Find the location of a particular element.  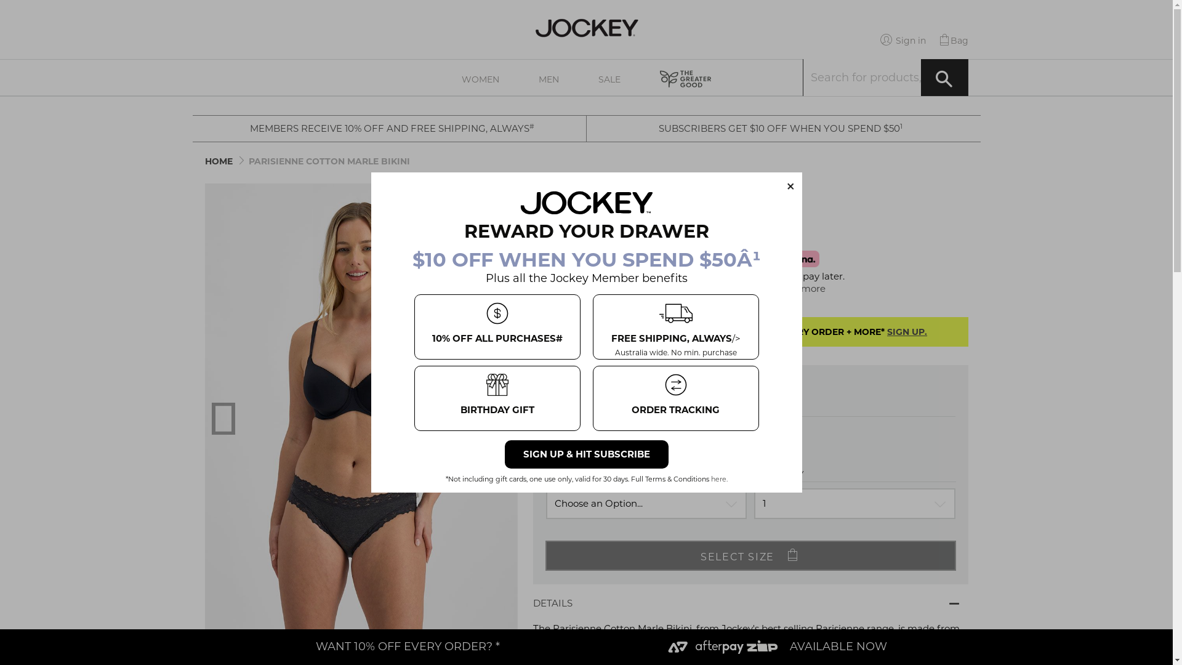

'MEN' is located at coordinates (519, 78).